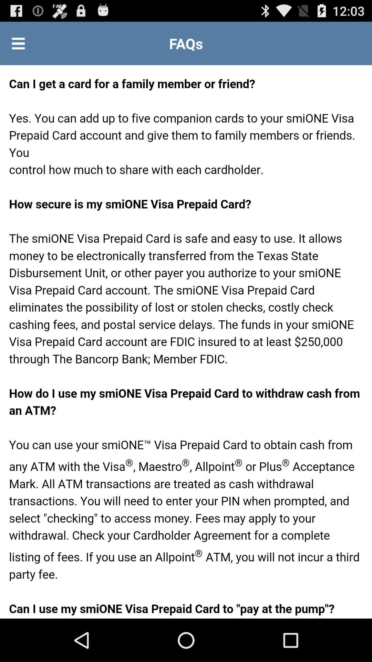 This screenshot has height=662, width=372. Describe the element at coordinates (186, 342) in the screenshot. I see `advertisement page` at that location.